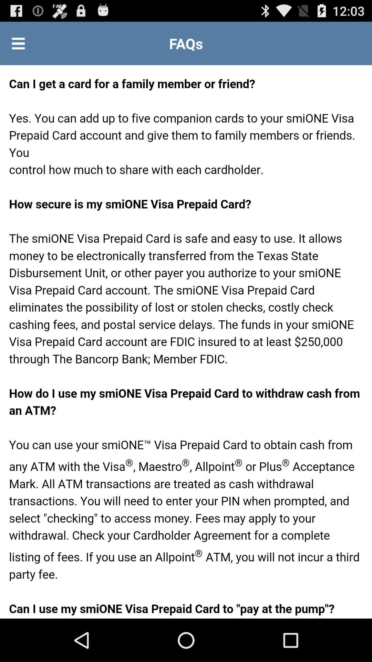 This screenshot has height=662, width=372. Describe the element at coordinates (186, 342) in the screenshot. I see `advertisement page` at that location.